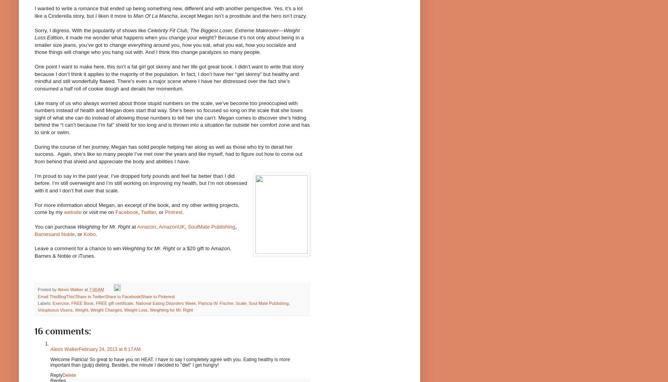  What do you see at coordinates (47, 296) in the screenshot?
I see `'Email This'` at bounding box center [47, 296].